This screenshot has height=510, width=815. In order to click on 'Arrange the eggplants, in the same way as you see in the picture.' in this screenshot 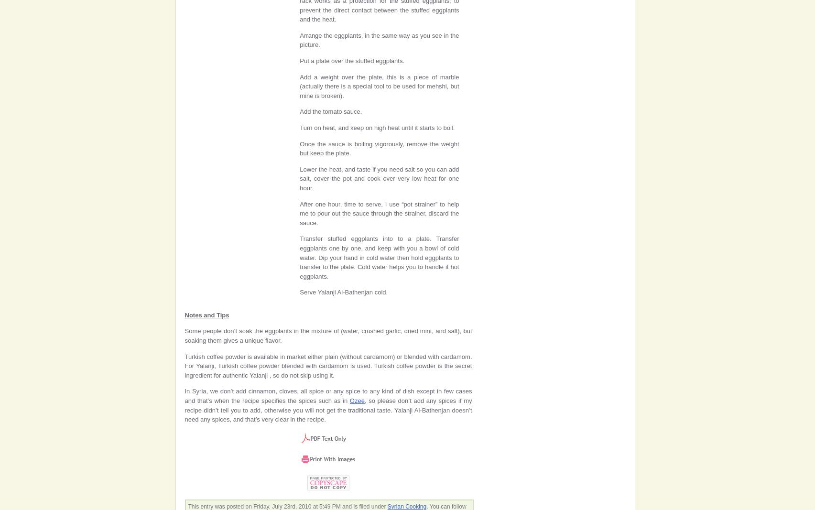, I will do `click(379, 39)`.